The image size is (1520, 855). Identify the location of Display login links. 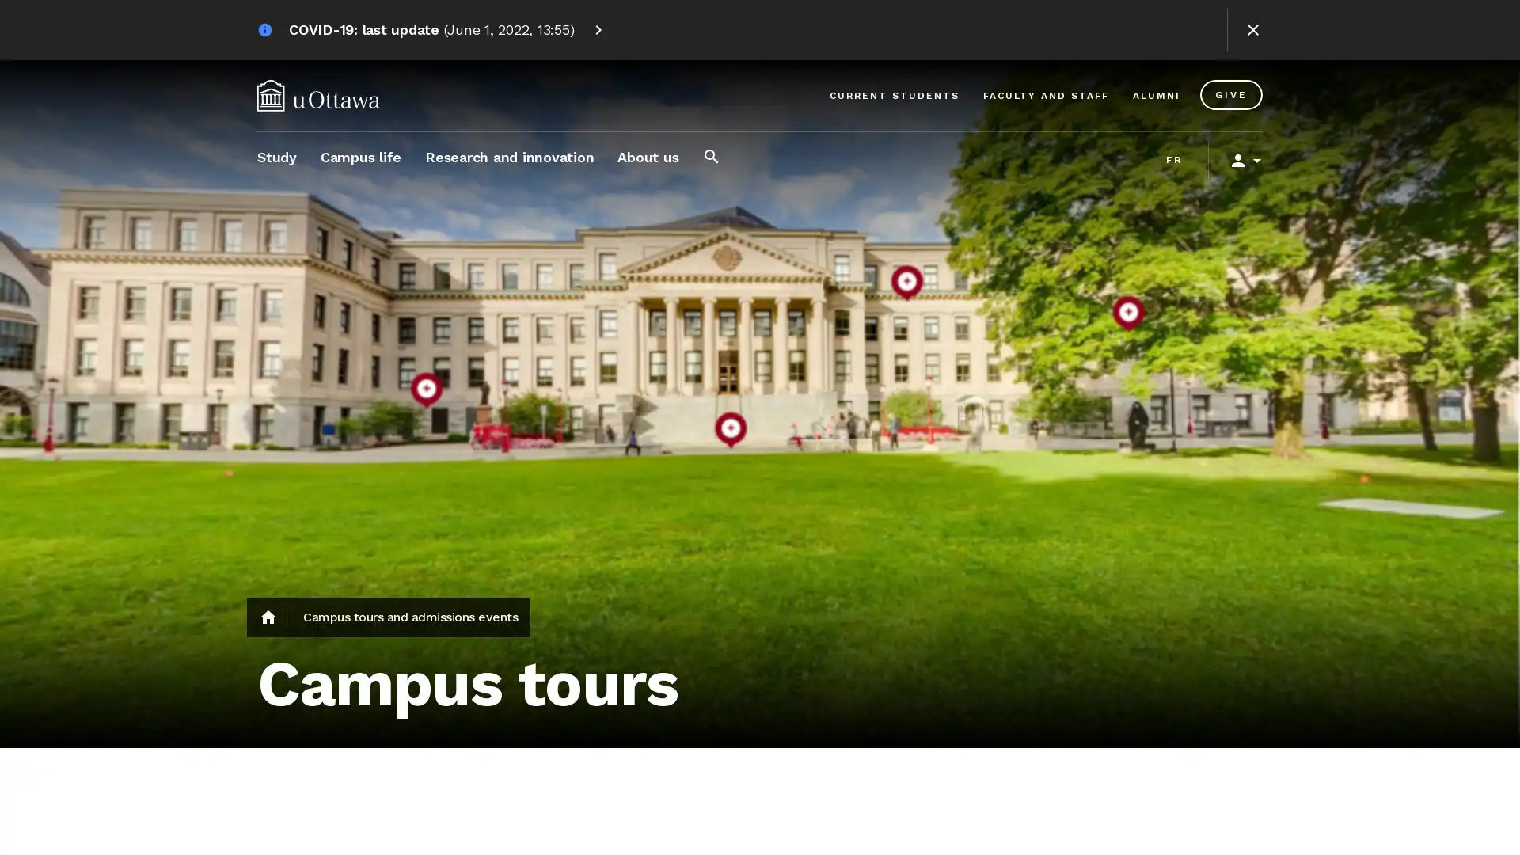
(1238, 161).